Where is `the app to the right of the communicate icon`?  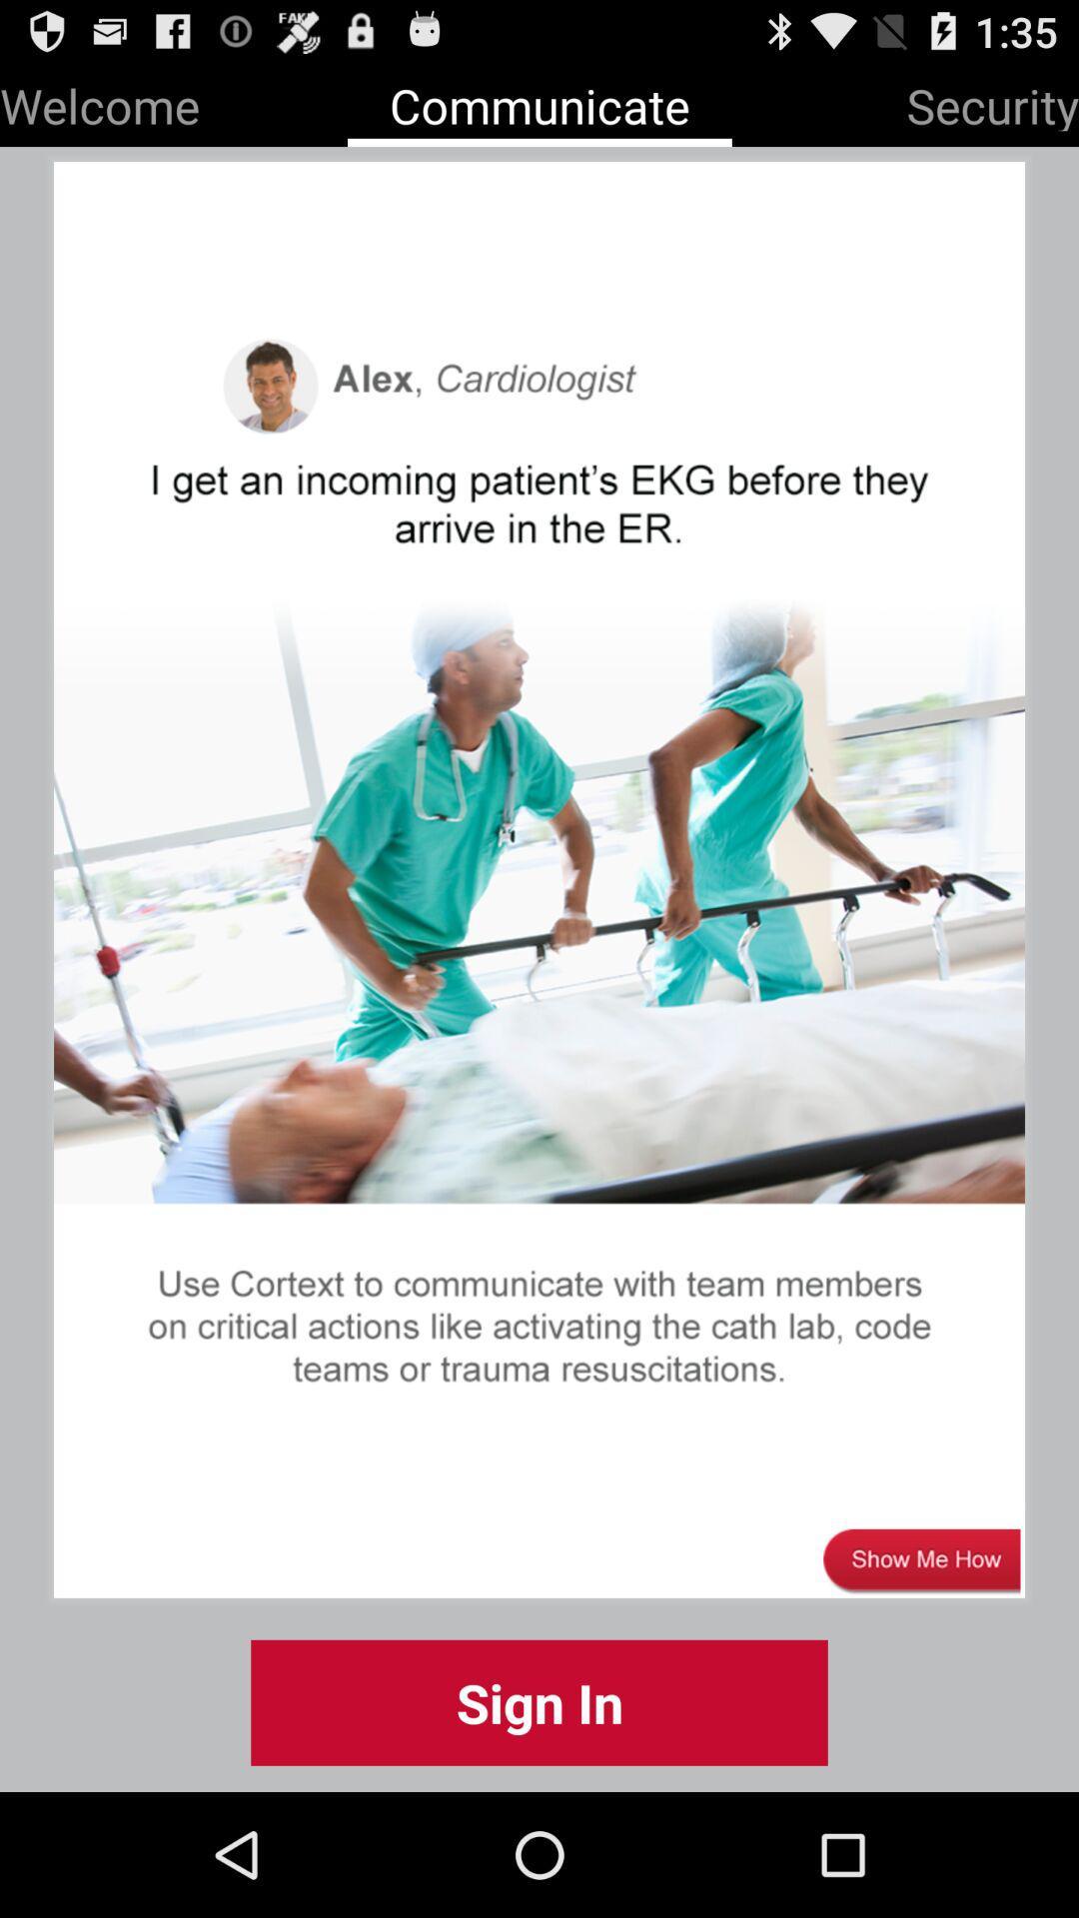 the app to the right of the communicate icon is located at coordinates (992, 101).